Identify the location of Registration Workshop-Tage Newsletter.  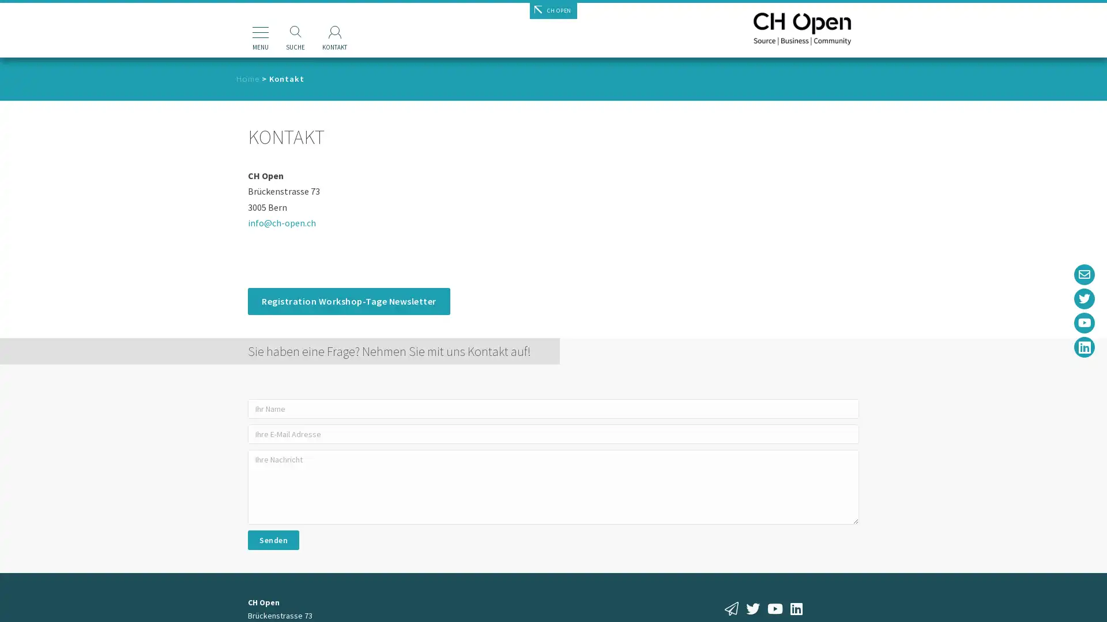
(348, 301).